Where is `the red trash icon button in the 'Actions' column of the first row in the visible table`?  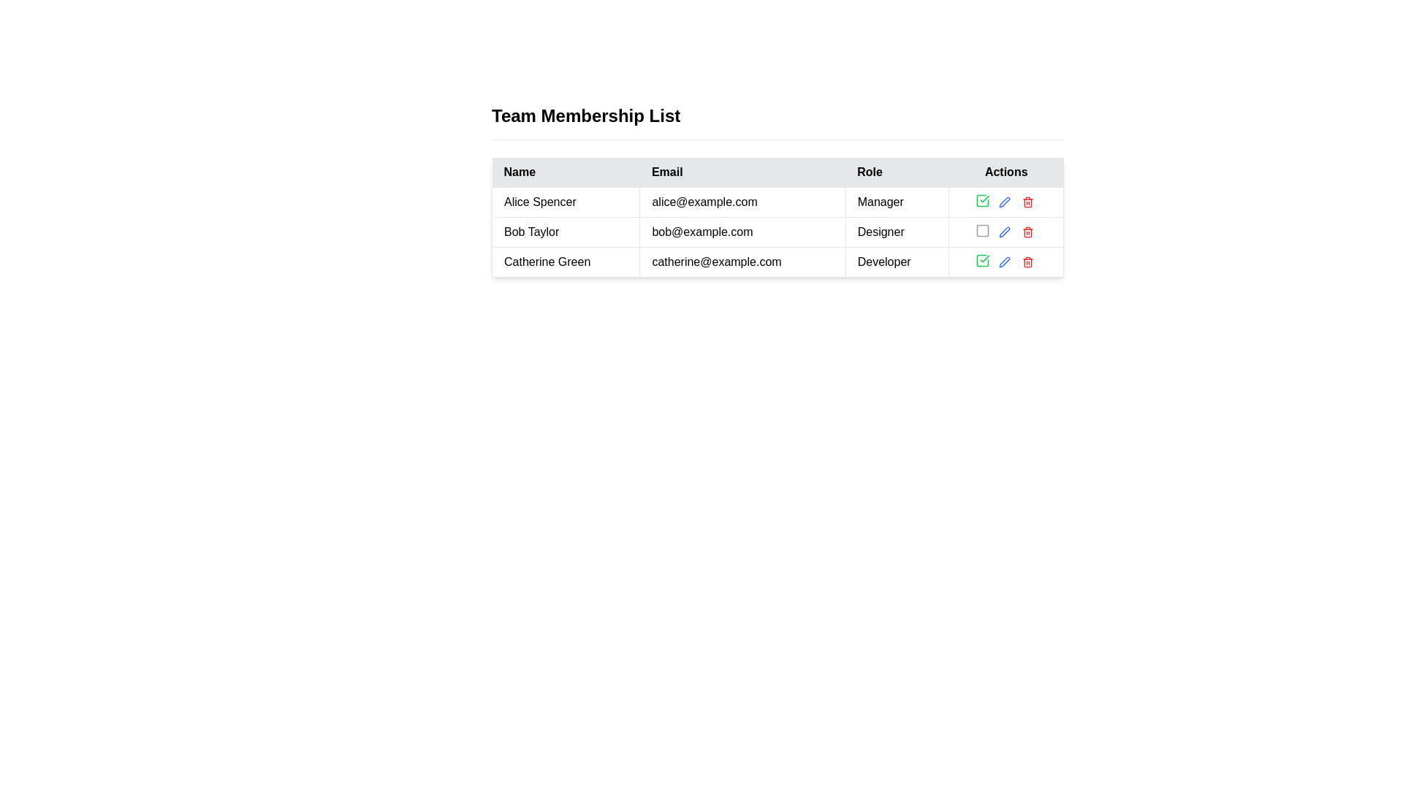 the red trash icon button in the 'Actions' column of the first row in the visible table is located at coordinates (1027, 202).